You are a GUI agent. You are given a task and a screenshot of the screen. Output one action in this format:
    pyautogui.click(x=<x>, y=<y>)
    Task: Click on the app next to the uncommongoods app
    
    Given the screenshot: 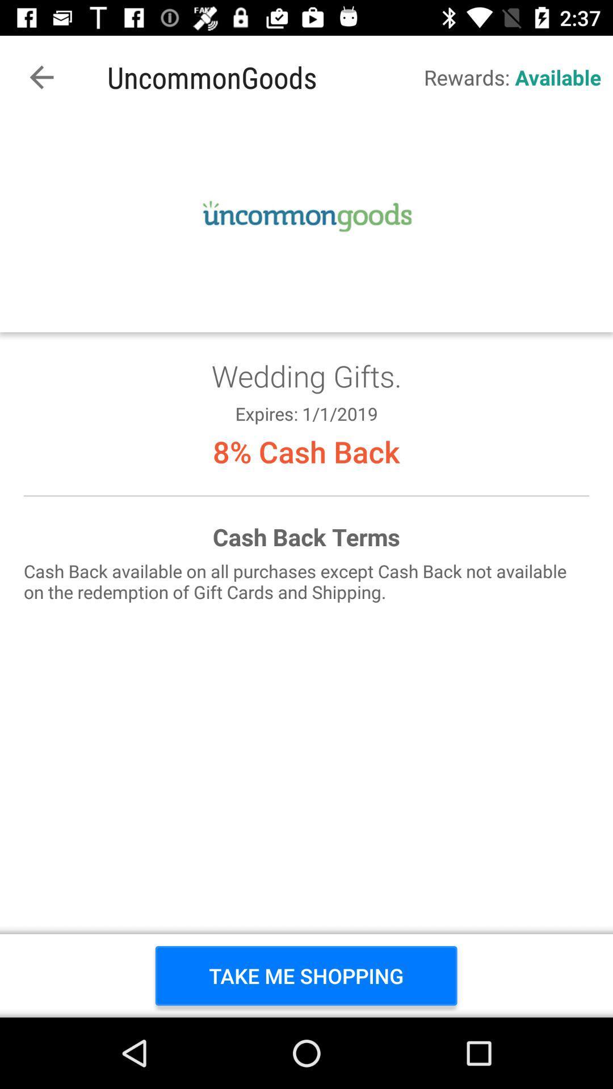 What is the action you would take?
    pyautogui.click(x=41, y=77)
    